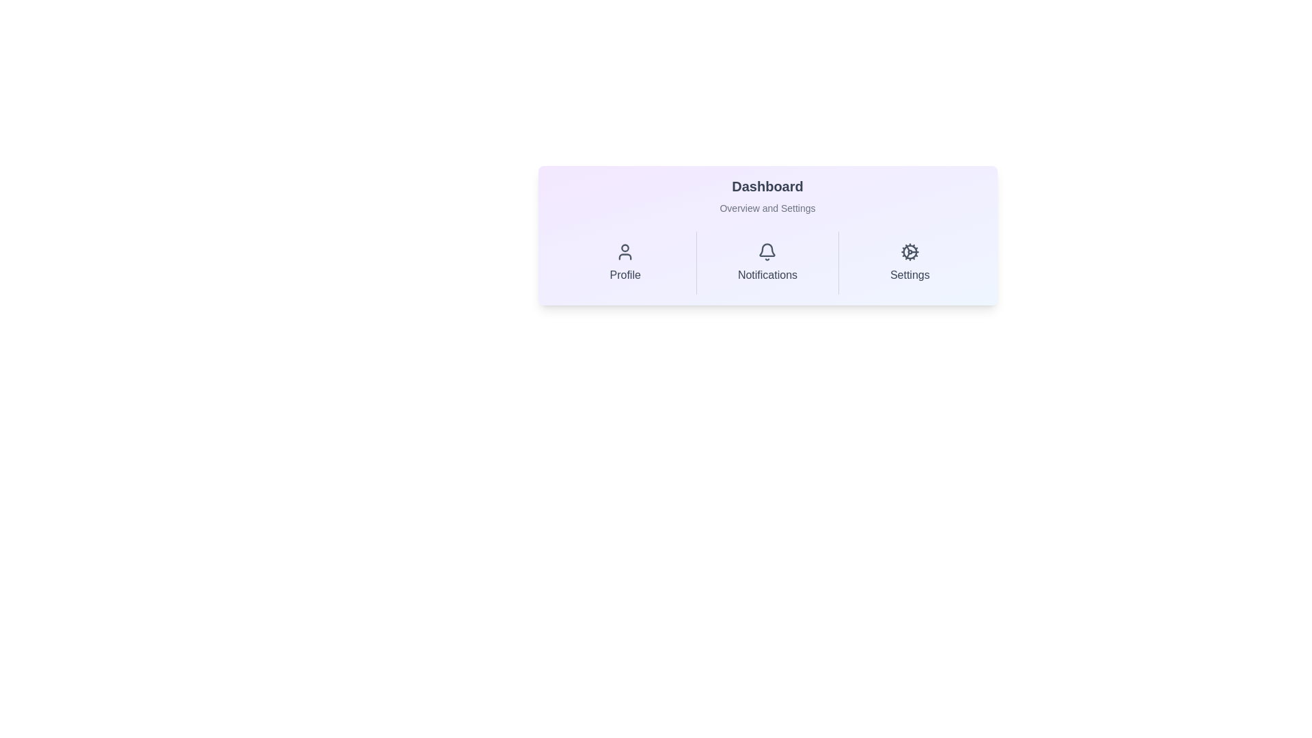 The height and width of the screenshot is (738, 1312). I want to click on the 'Notifications' text label, which is displayed in medium gray font and is positioned below a bell icon, so click(767, 275).